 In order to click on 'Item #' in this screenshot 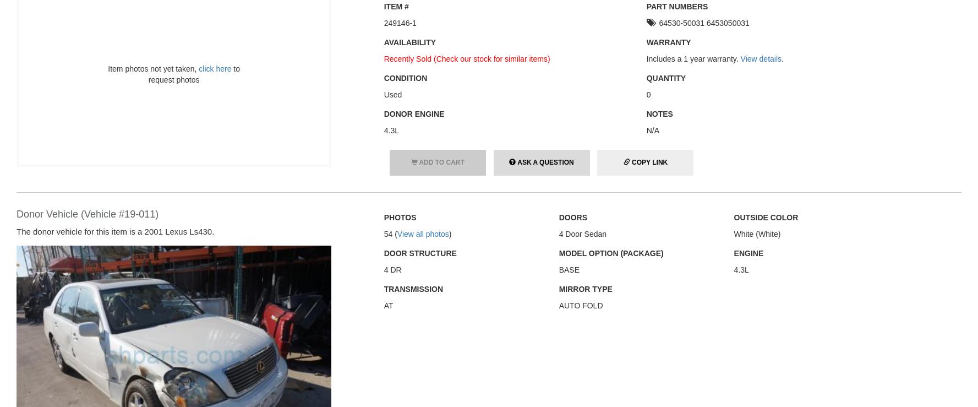, I will do `click(383, 6)`.